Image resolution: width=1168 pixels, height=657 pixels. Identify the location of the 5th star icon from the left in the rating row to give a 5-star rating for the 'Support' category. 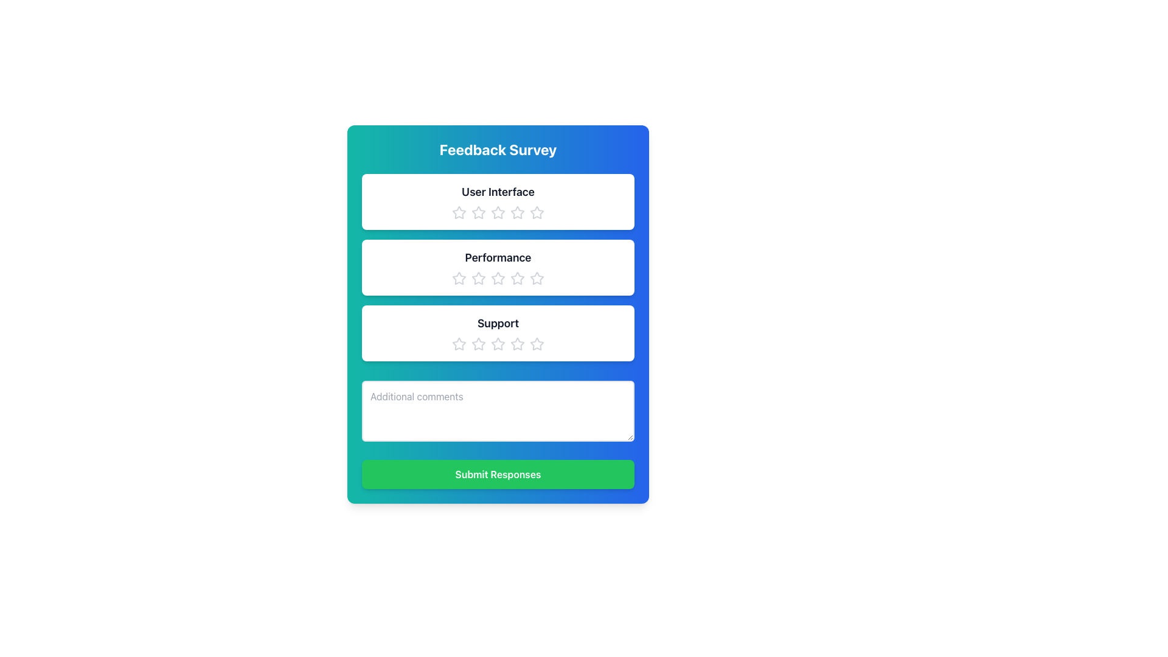
(537, 344).